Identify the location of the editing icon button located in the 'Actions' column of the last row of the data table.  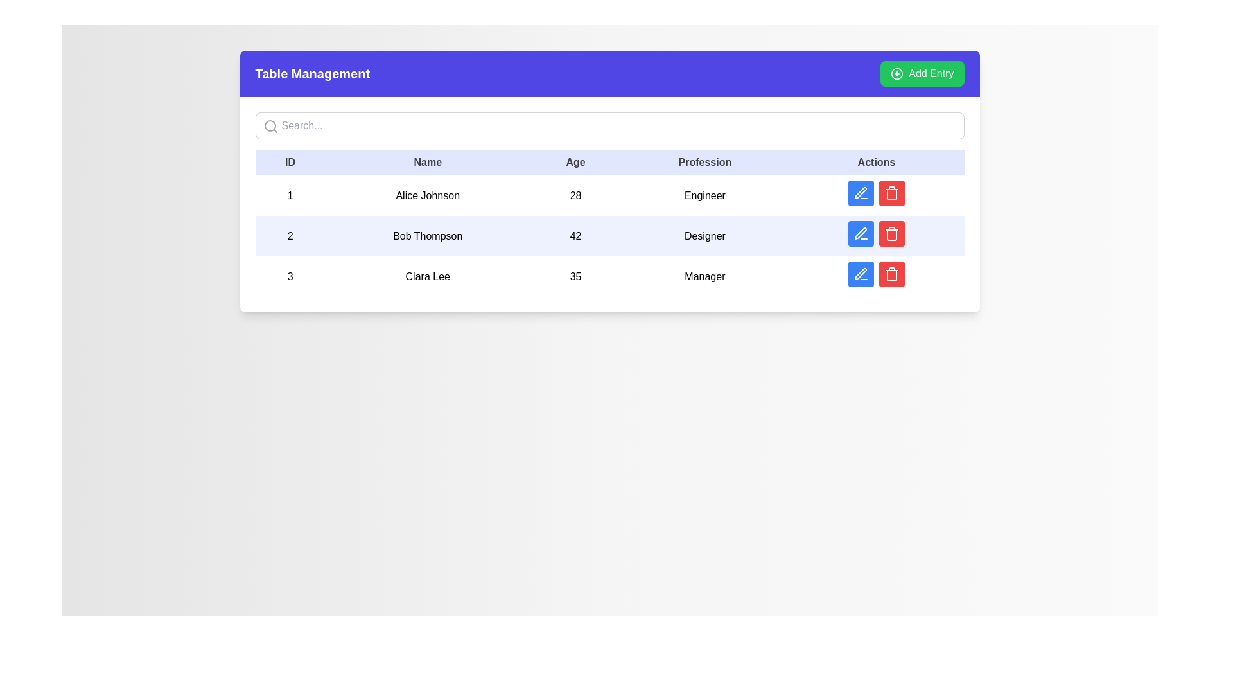
(861, 273).